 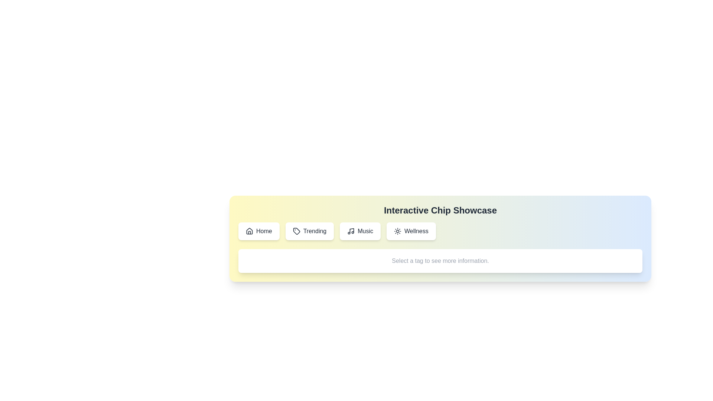 What do you see at coordinates (360, 231) in the screenshot?
I see `the chip labeled Music` at bounding box center [360, 231].